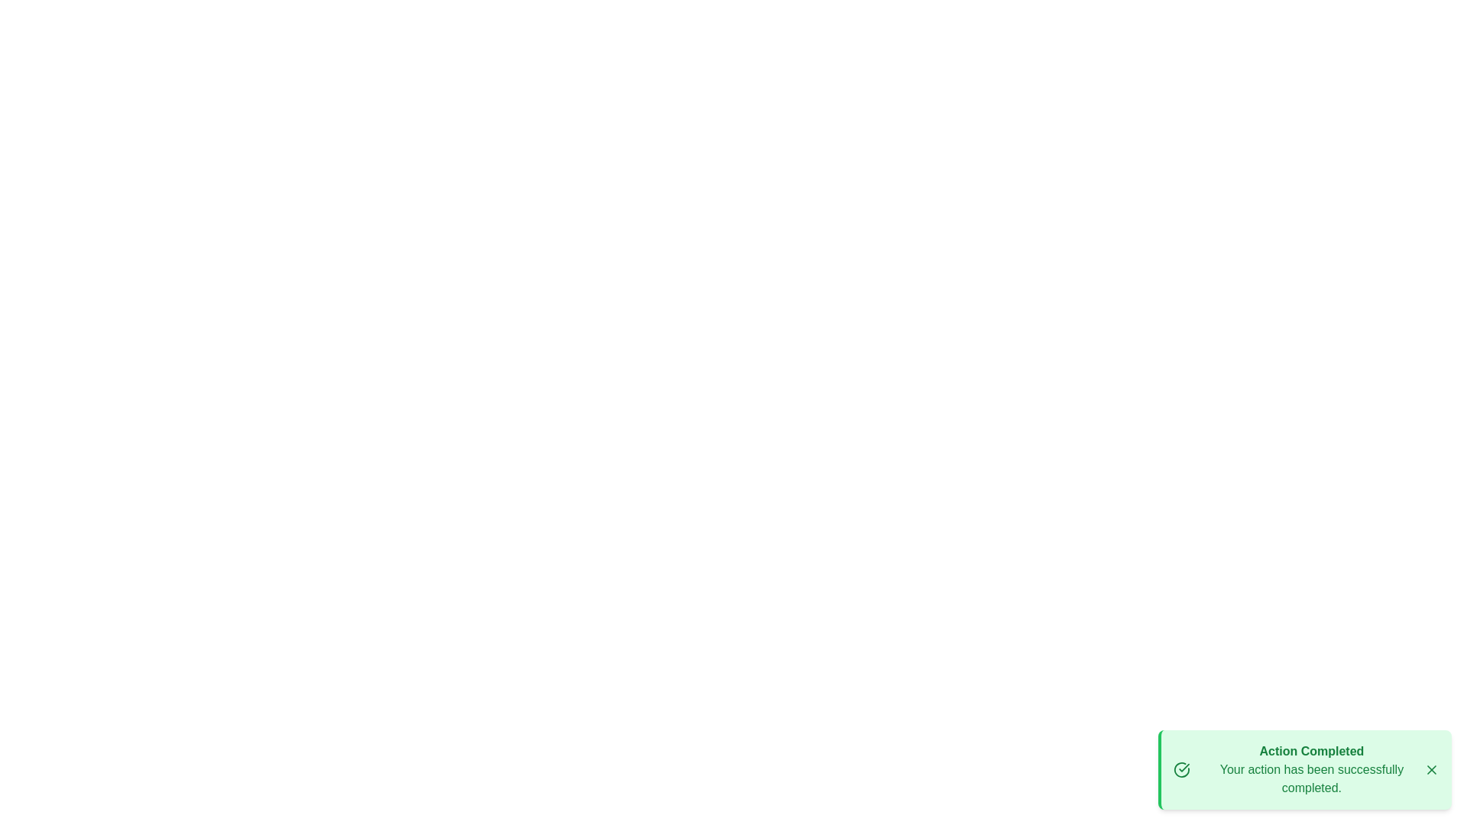 The image size is (1467, 825). I want to click on the icon located to the left of the notification text, so click(1180, 769).